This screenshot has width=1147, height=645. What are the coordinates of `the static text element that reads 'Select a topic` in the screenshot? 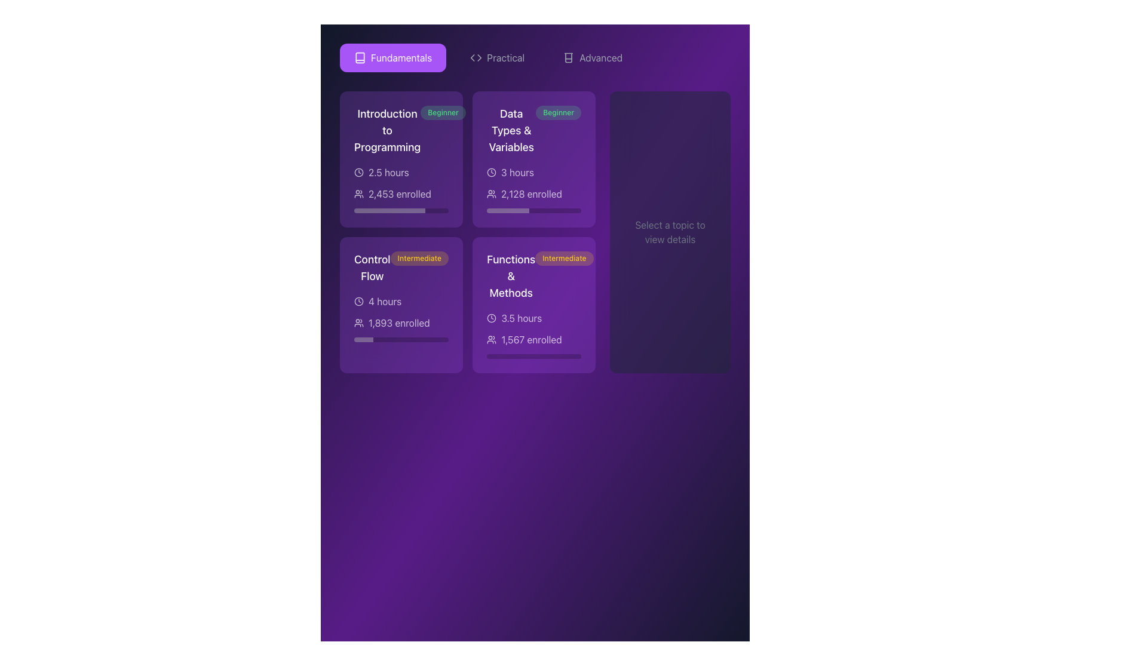 It's located at (670, 232).